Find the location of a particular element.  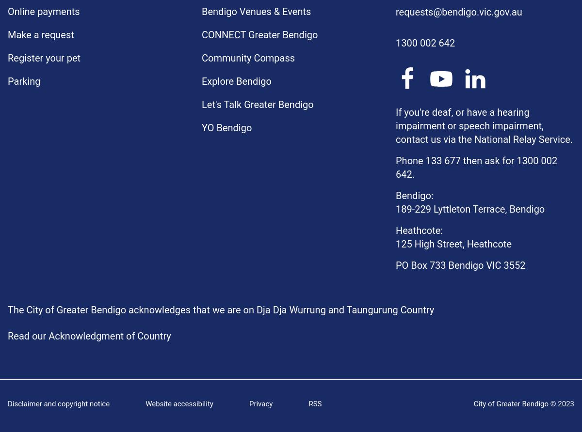

'The City of Greater Bendigo acknowledges that we are on Dja Dja Wurrung and Taungurung Country' is located at coordinates (220, 309).